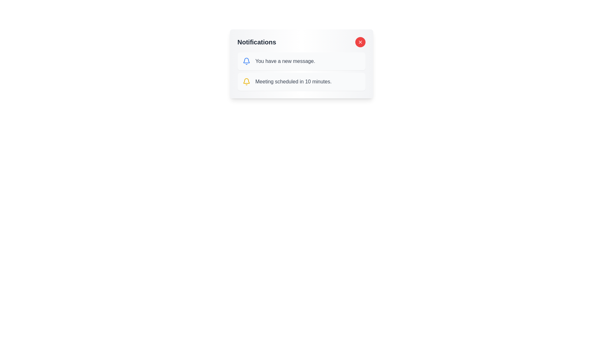 The height and width of the screenshot is (345, 614). I want to click on the notification icon located to the left of the text 'You have a new message.', so click(246, 61).